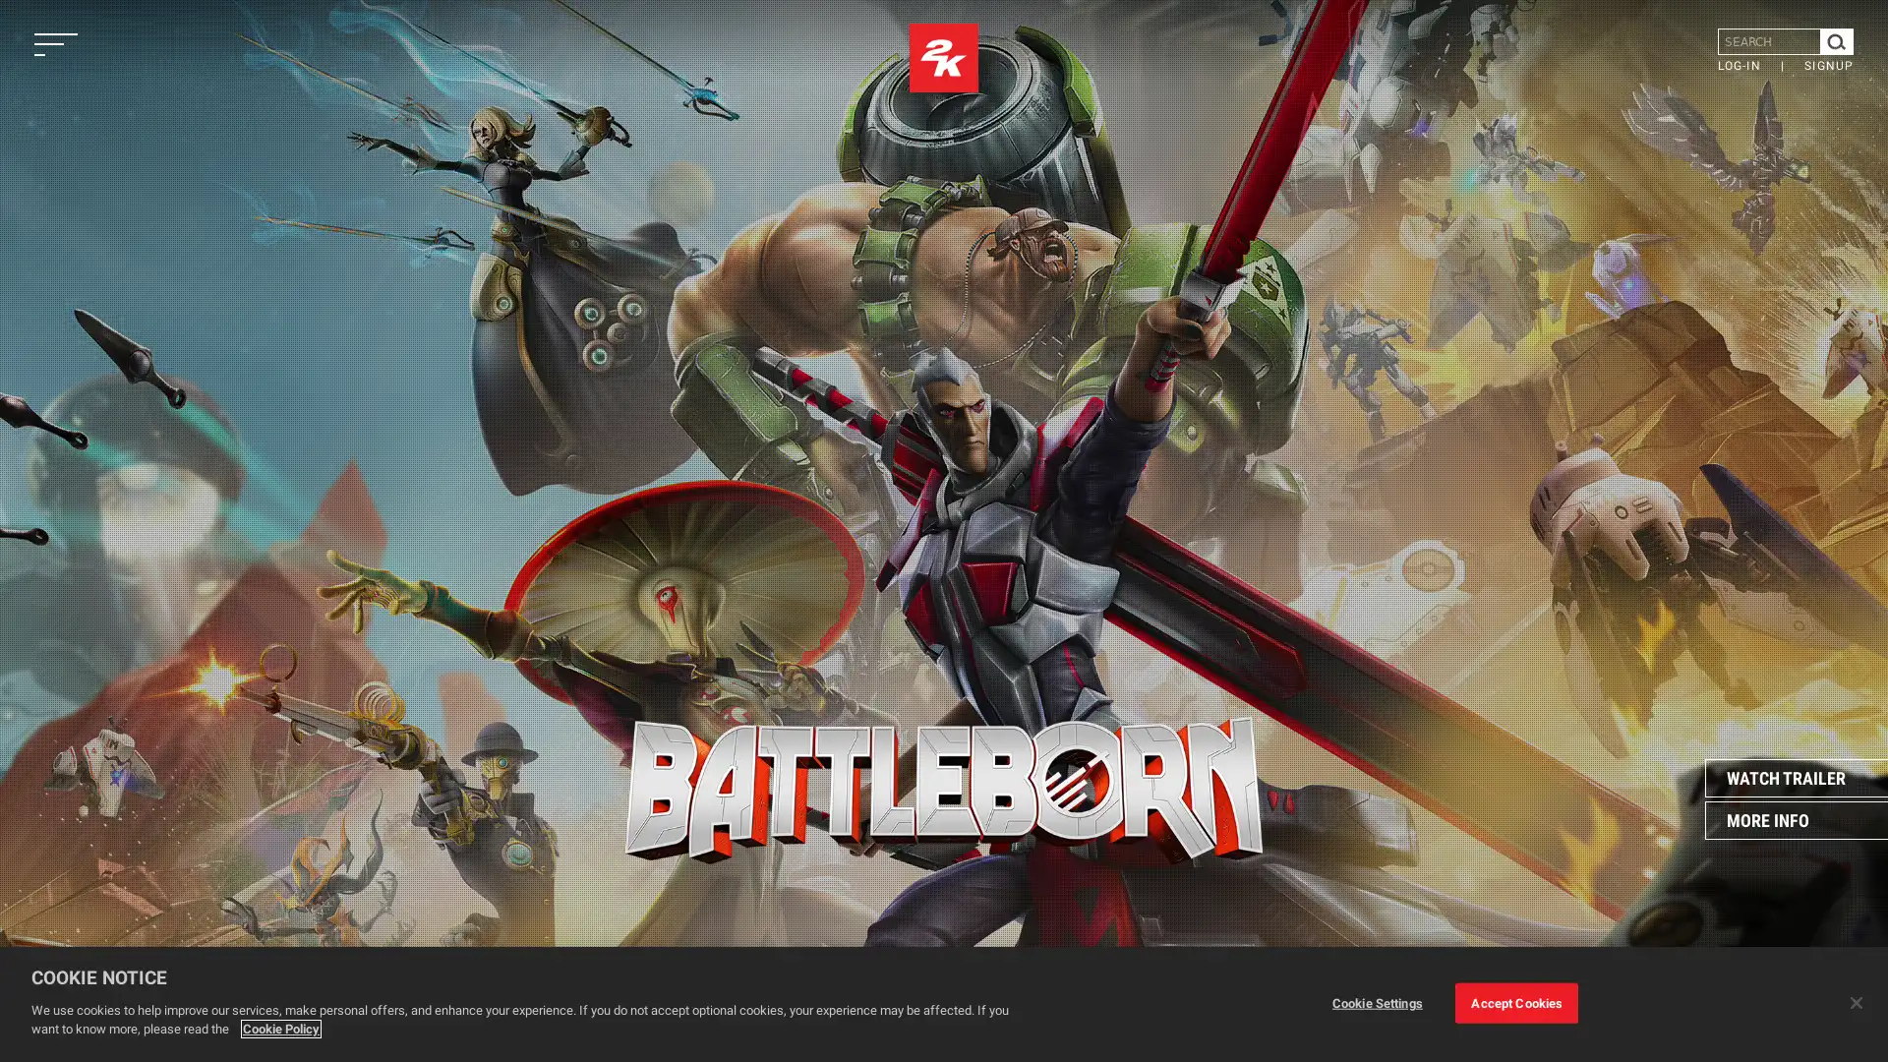  Describe the element at coordinates (1376, 1002) in the screenshot. I see `Cookie Settings` at that location.